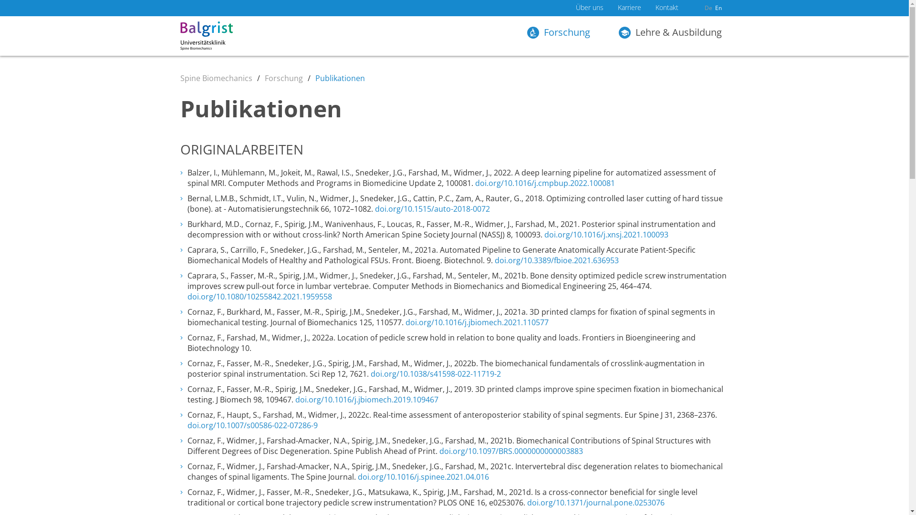  Describe the element at coordinates (666, 9) in the screenshot. I see `'Kontakt'` at that location.